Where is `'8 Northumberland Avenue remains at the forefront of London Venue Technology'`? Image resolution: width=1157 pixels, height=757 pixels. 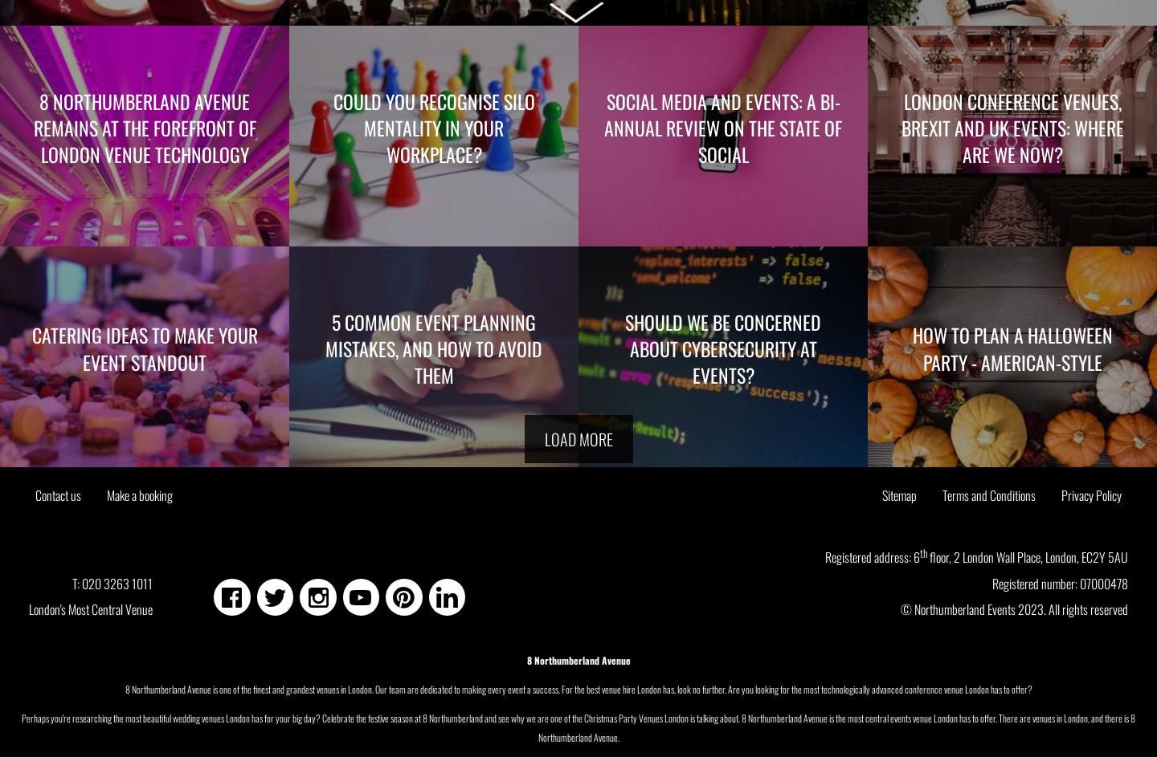
'8 Northumberland Avenue remains at the forefront of London Venue Technology' is located at coordinates (32, 126).